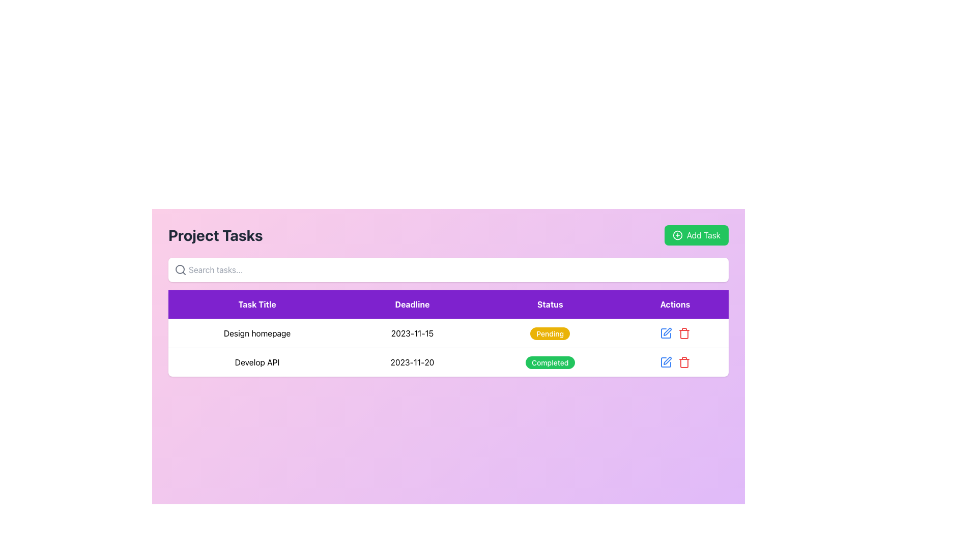  Describe the element at coordinates (550, 304) in the screenshot. I see `the 'Status' table header, which is the third header in a row of four, featuring white text on a purple background` at that location.